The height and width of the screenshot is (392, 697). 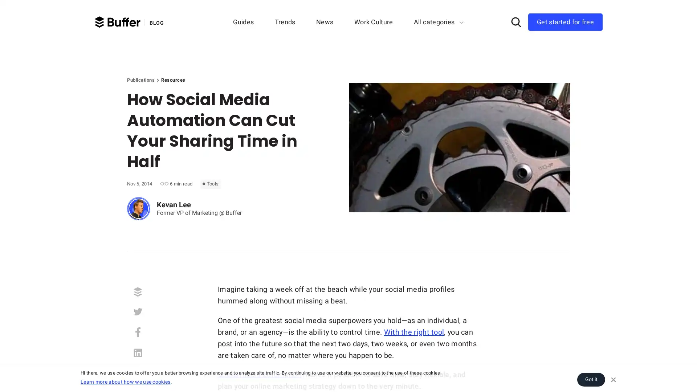 I want to click on Search, so click(x=514, y=22).